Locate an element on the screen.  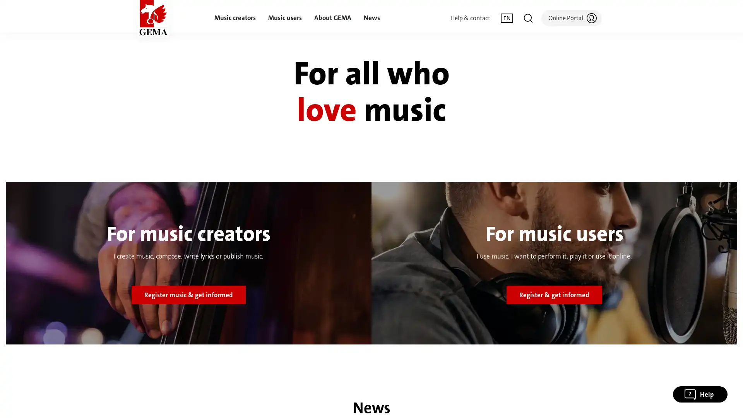
Toggle navigation is located at coordinates (527, 17).